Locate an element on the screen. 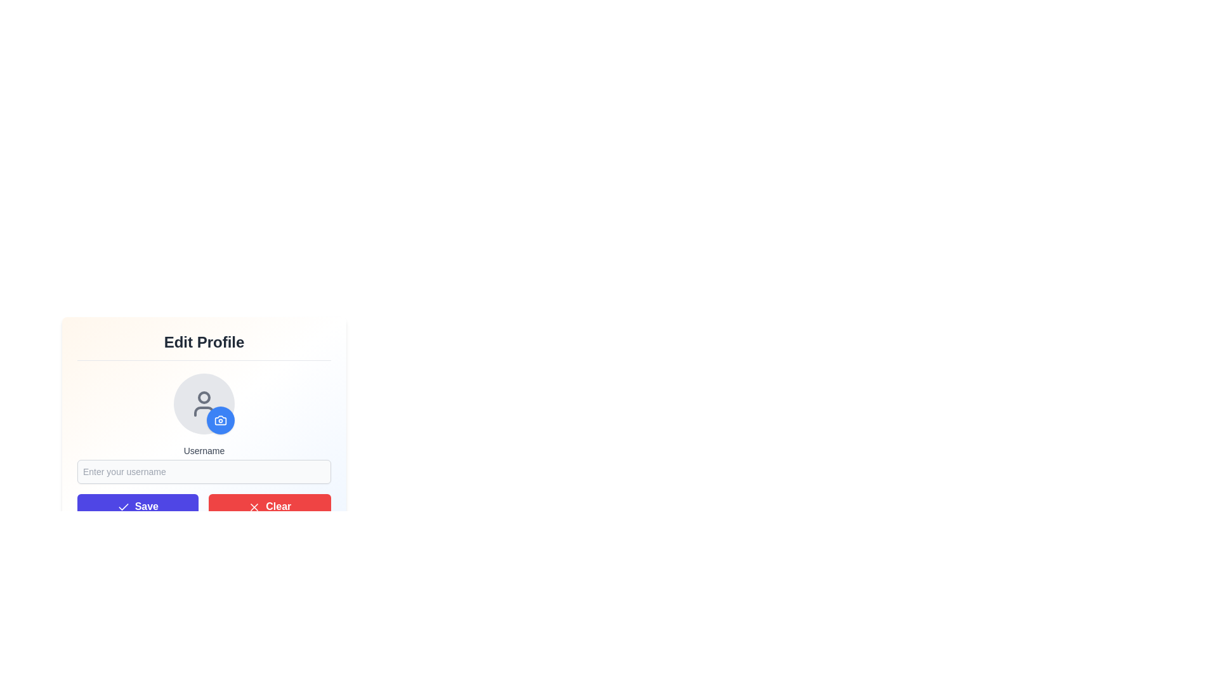 The height and width of the screenshot is (685, 1218). an image onto the Interactive avatar with a button, which is a circular user profile icon with a gray background and a small blue button at the bottom-right for changing the profile picture is located at coordinates (204, 403).